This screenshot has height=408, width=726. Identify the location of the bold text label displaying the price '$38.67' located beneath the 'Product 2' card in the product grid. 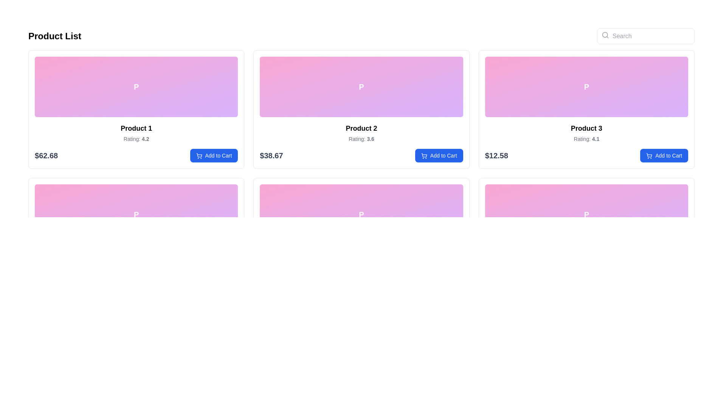
(271, 155).